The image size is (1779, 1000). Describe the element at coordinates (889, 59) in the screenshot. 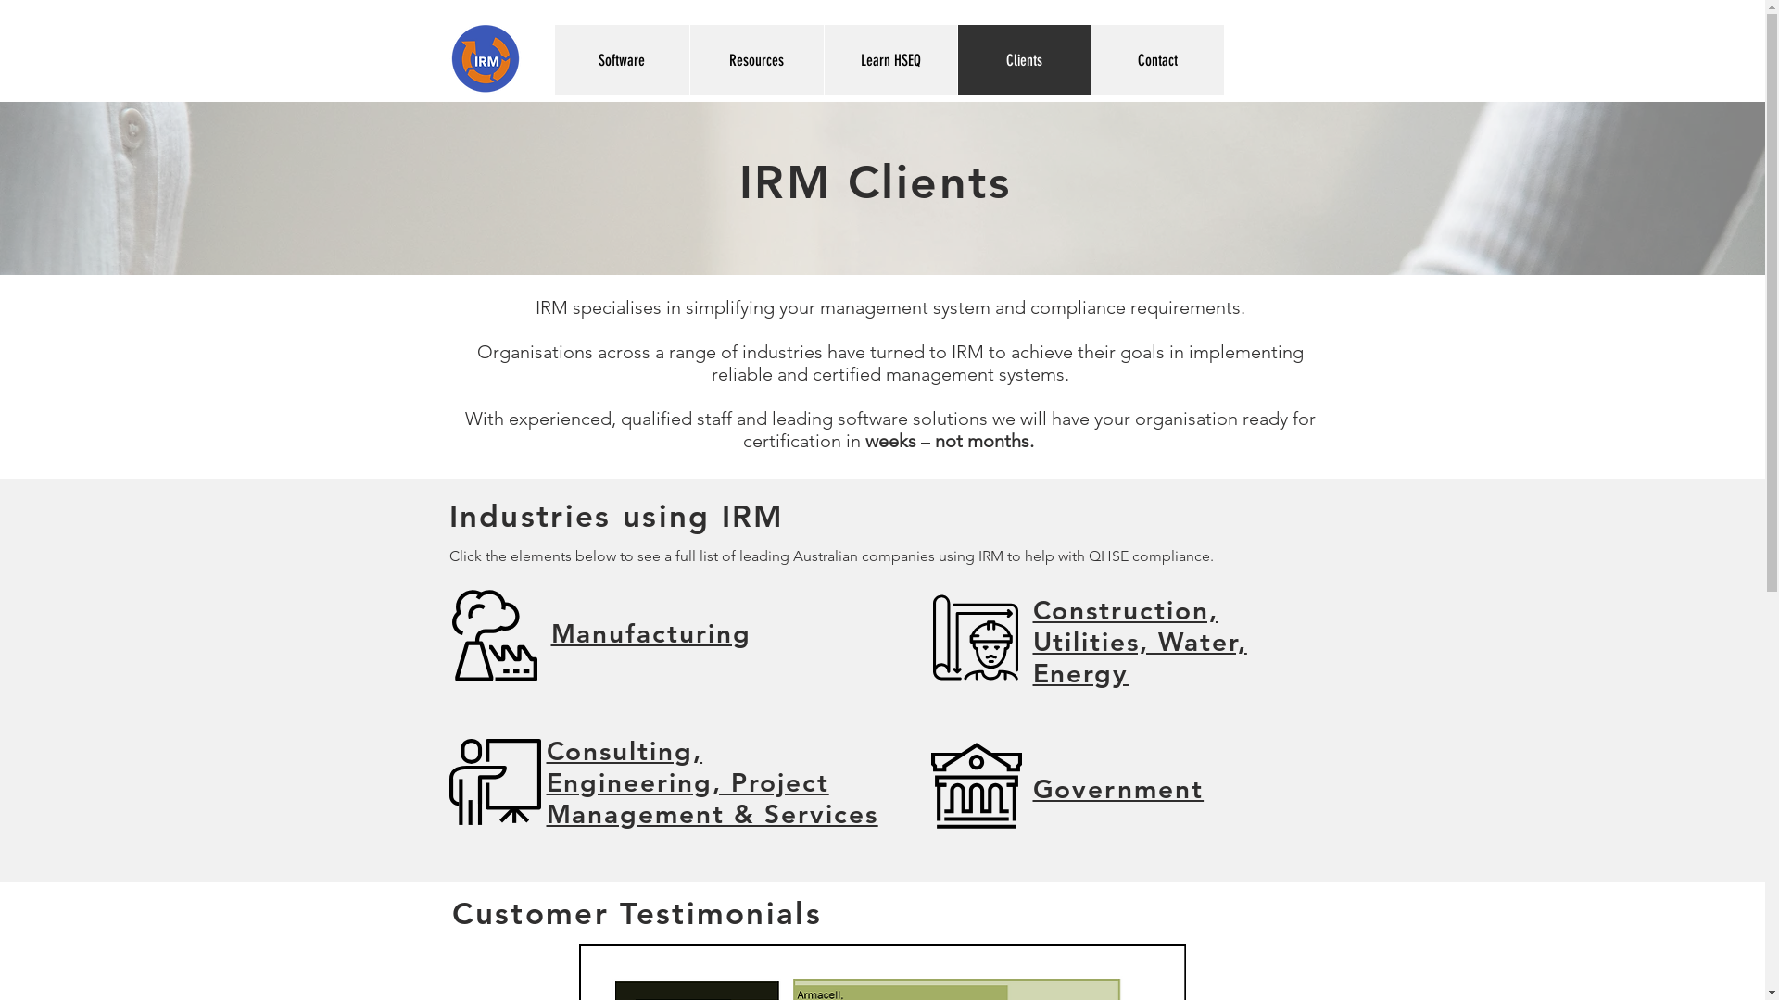

I see `'Learn HSEQ'` at that location.